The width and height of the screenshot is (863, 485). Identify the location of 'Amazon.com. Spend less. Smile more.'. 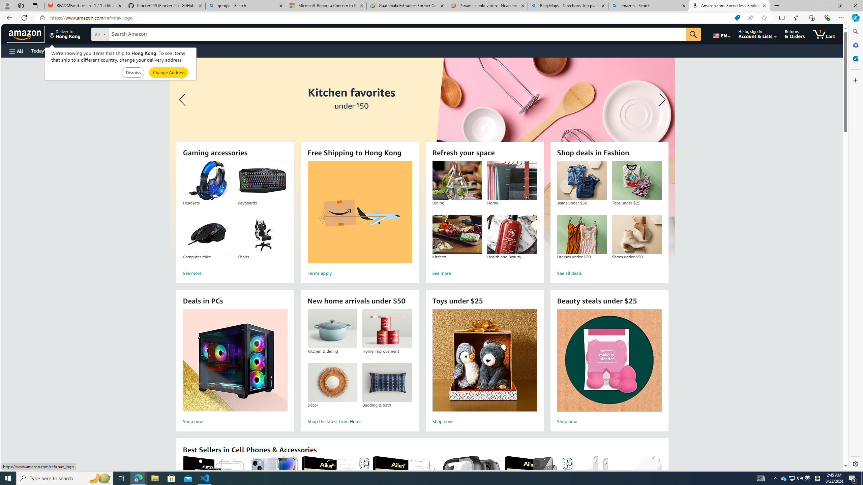
(729, 5).